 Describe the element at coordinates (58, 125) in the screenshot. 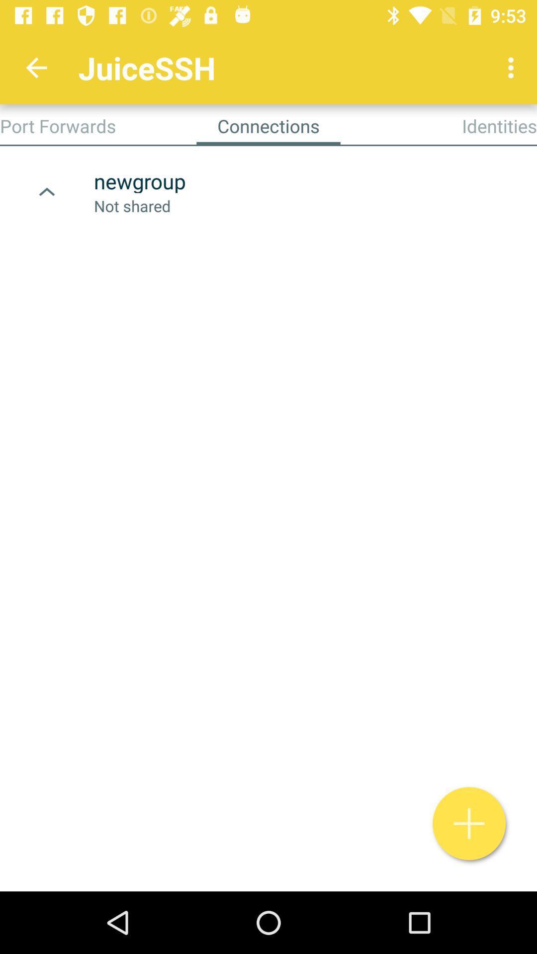

I see `icon to the left of connections app` at that location.